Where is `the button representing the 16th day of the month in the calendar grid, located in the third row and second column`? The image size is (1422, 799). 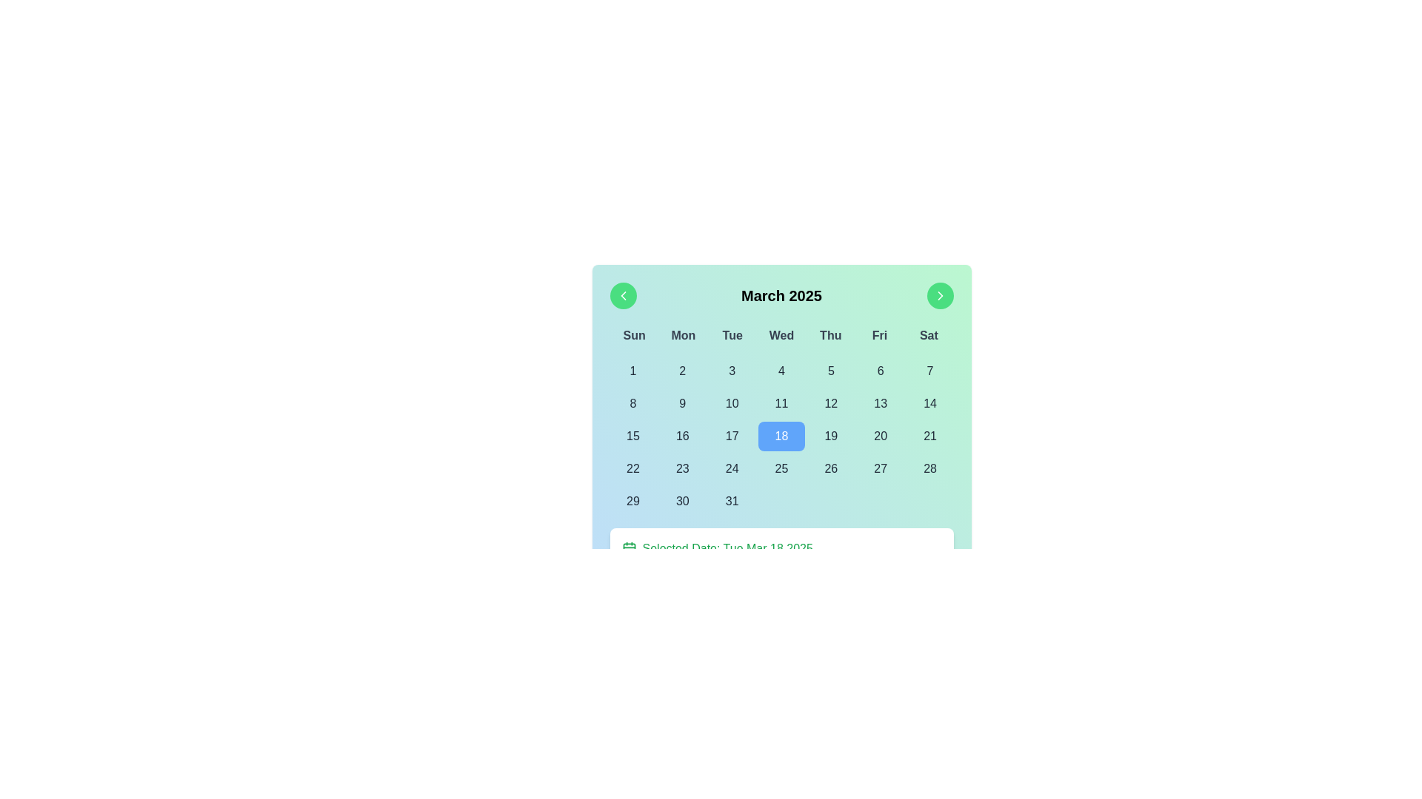
the button representing the 16th day of the month in the calendar grid, located in the third row and second column is located at coordinates (681, 436).